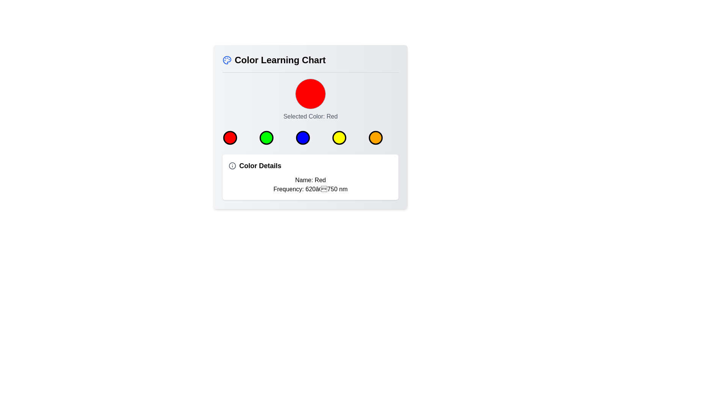 The image size is (728, 409). I want to click on the Header or Title Text for copying, which is located at the top portion of the interface near the center horizontally, so click(274, 59).